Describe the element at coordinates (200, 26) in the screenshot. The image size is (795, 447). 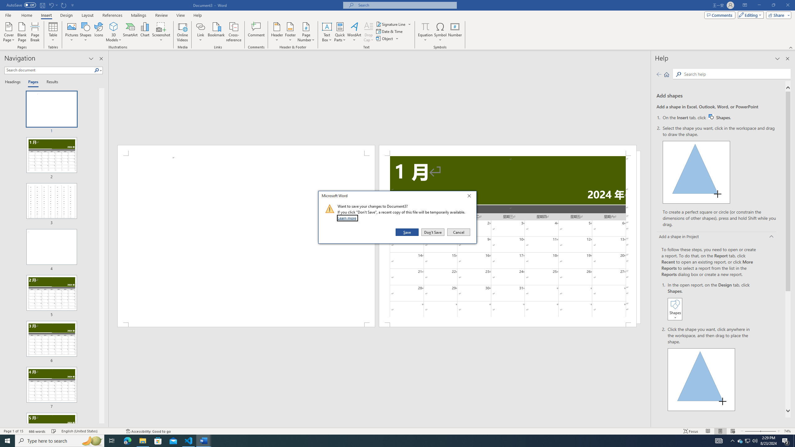
I see `'Link'` at that location.